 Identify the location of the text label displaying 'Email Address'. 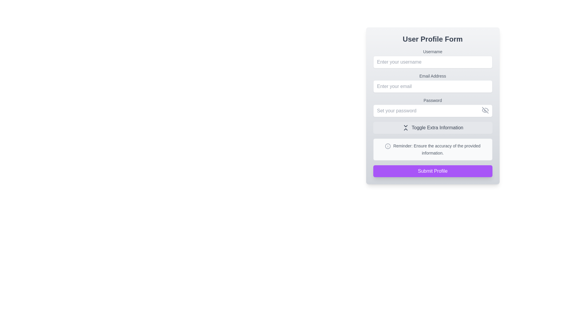
(433, 75).